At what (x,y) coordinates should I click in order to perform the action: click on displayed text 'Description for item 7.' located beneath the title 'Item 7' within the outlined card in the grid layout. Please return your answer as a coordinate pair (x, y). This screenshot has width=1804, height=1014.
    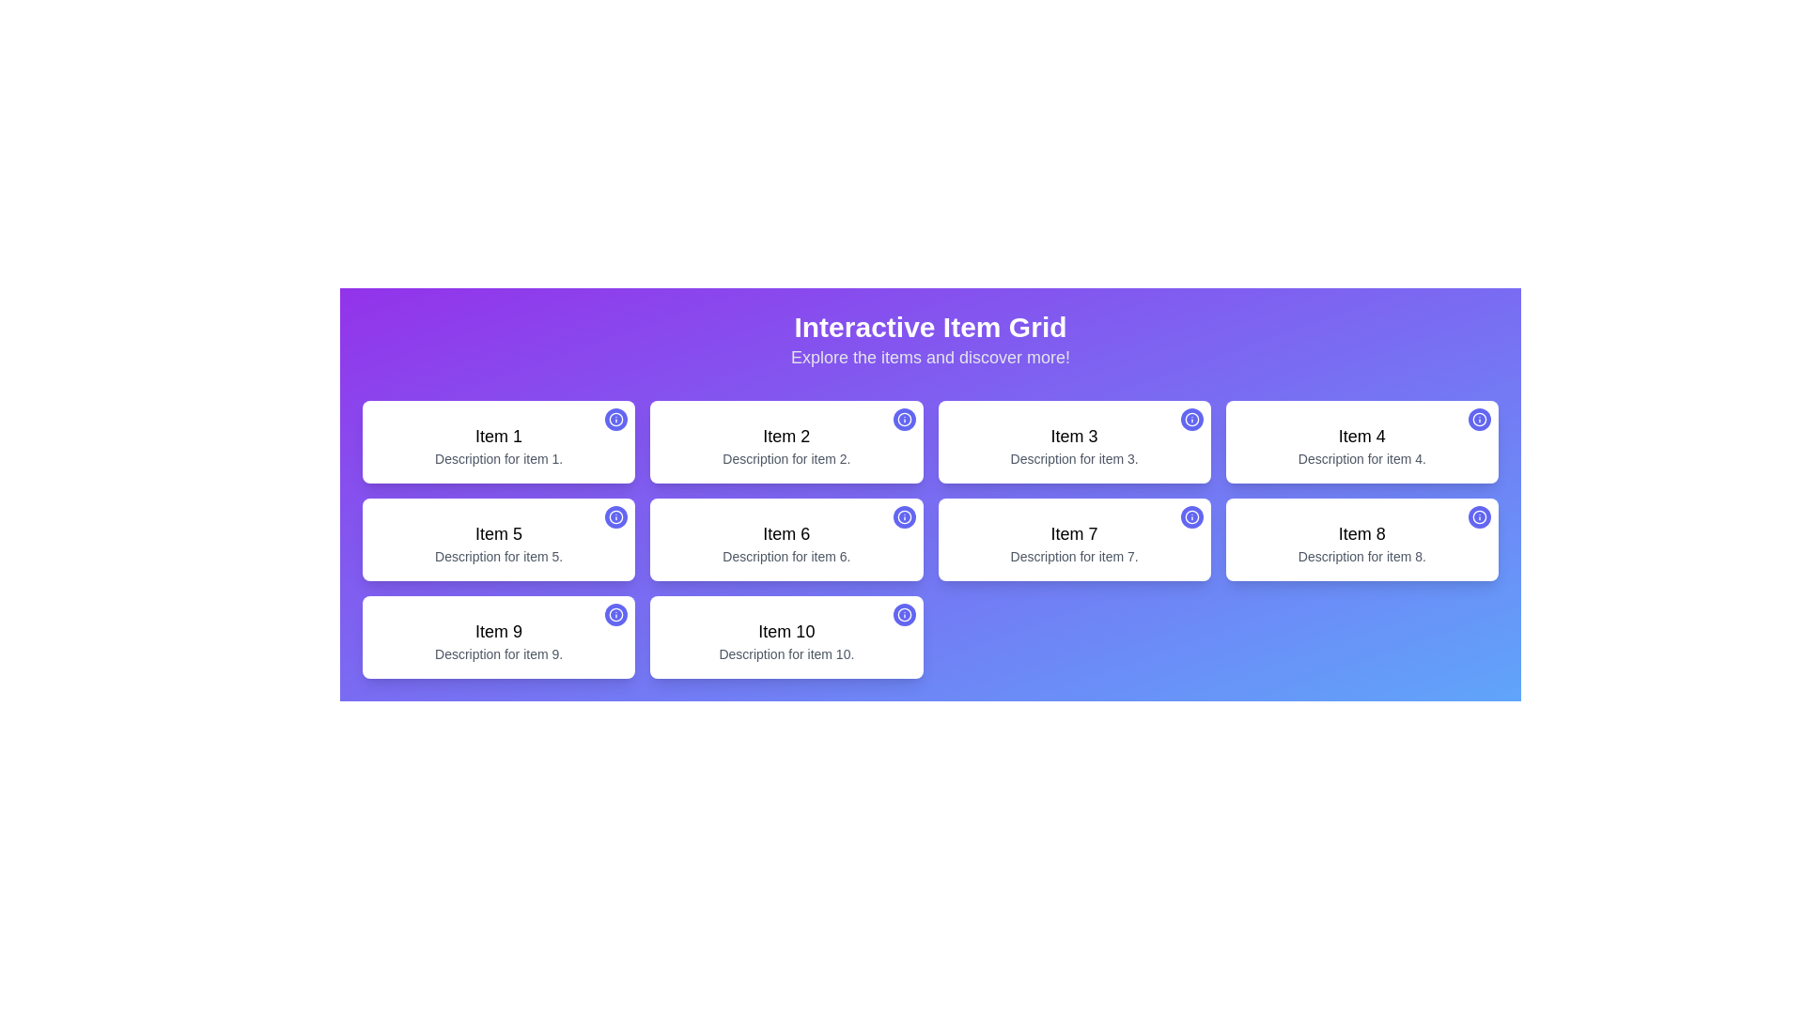
    Looking at the image, I should click on (1074, 556).